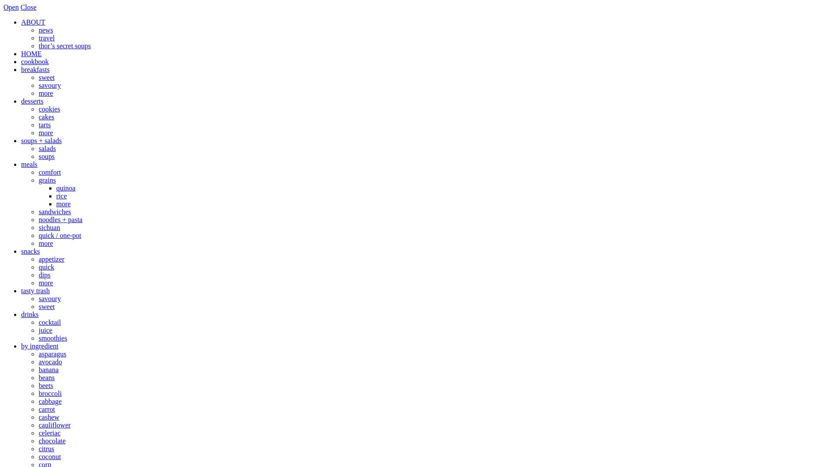 The height and width of the screenshot is (467, 835). Describe the element at coordinates (47, 409) in the screenshot. I see `'carrot'` at that location.